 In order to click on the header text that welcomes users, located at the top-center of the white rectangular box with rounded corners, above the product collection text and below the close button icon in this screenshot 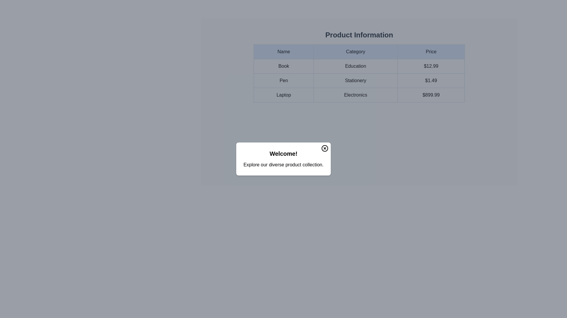, I will do `click(283, 153)`.